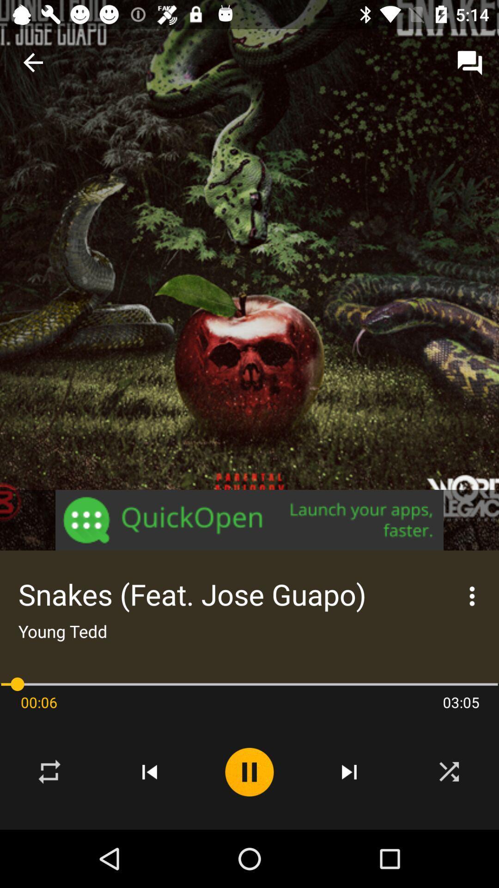 The width and height of the screenshot is (499, 888). What do you see at coordinates (50, 772) in the screenshot?
I see `the repeat icon` at bounding box center [50, 772].